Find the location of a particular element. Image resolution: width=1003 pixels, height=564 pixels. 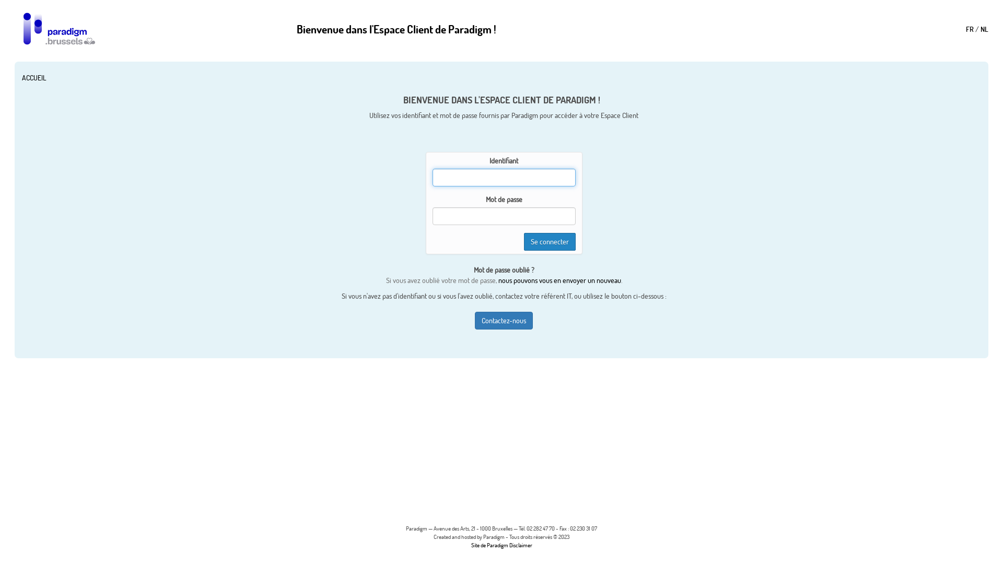

'ACCUEIL' is located at coordinates (34, 77).